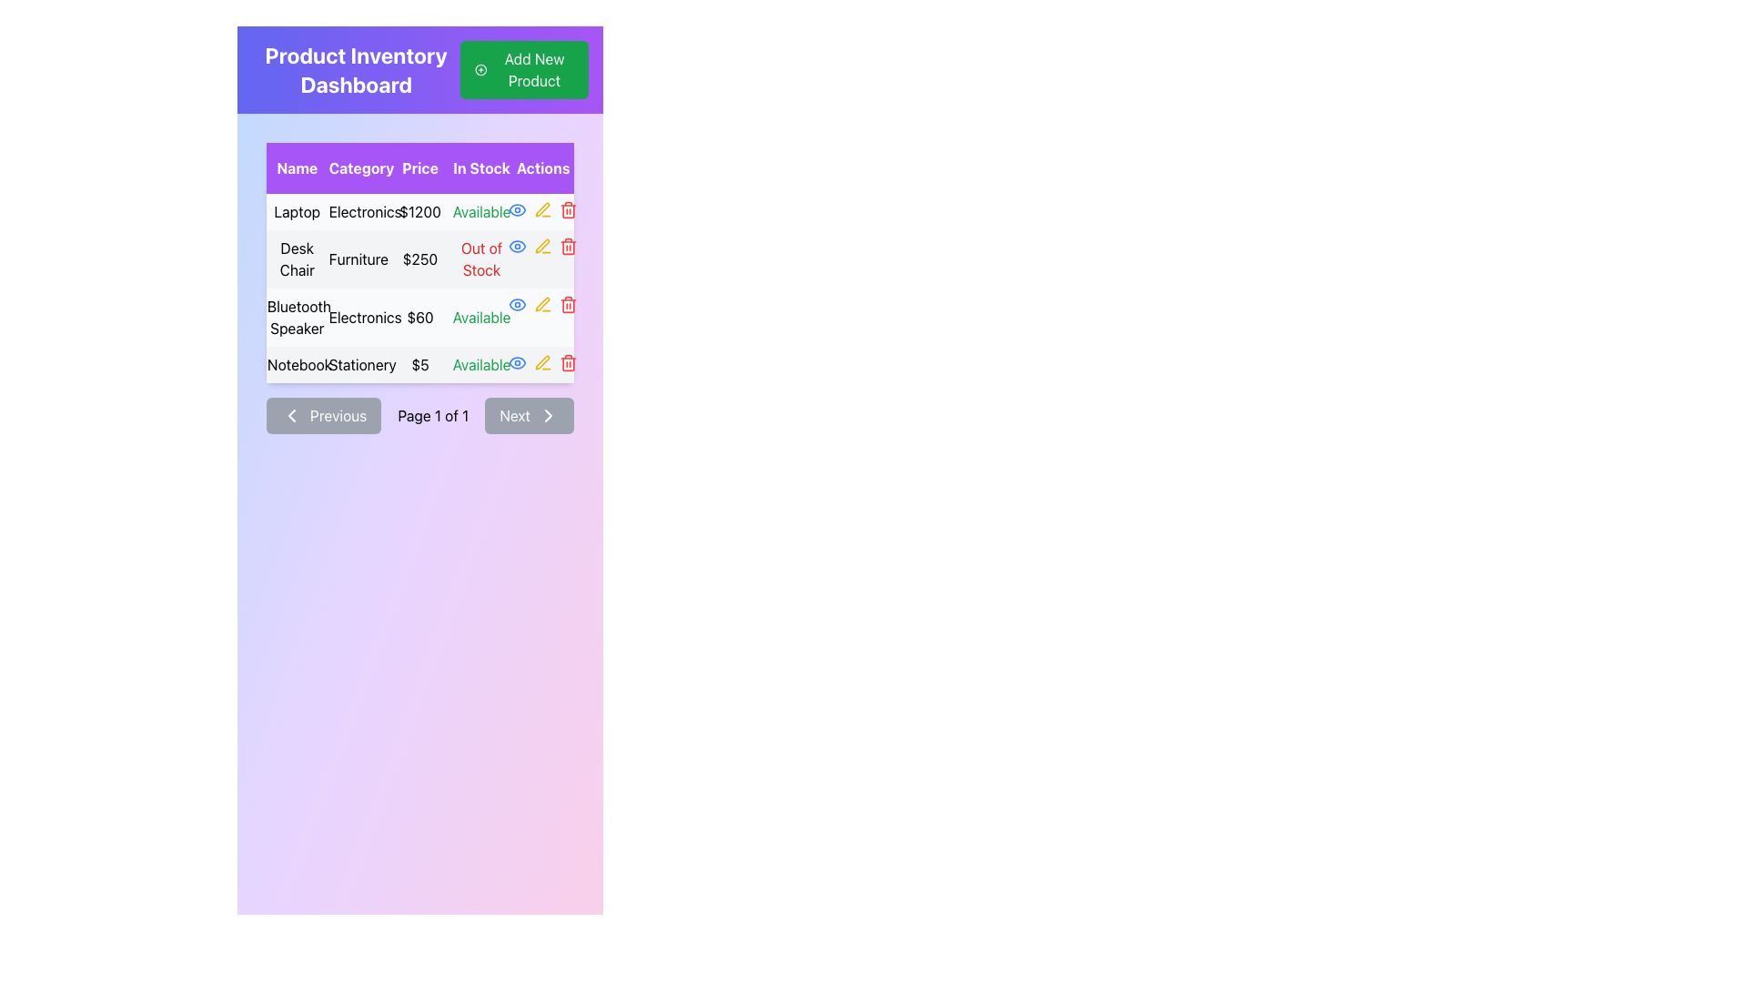 This screenshot has height=983, width=1747. What do you see at coordinates (481, 365) in the screenshot?
I see `the centered text label displaying the word 'Available' in a green font, located in the fourth row of the main table in the 'In Stock' column, following the price '$5' and preceding the action buttons` at bounding box center [481, 365].